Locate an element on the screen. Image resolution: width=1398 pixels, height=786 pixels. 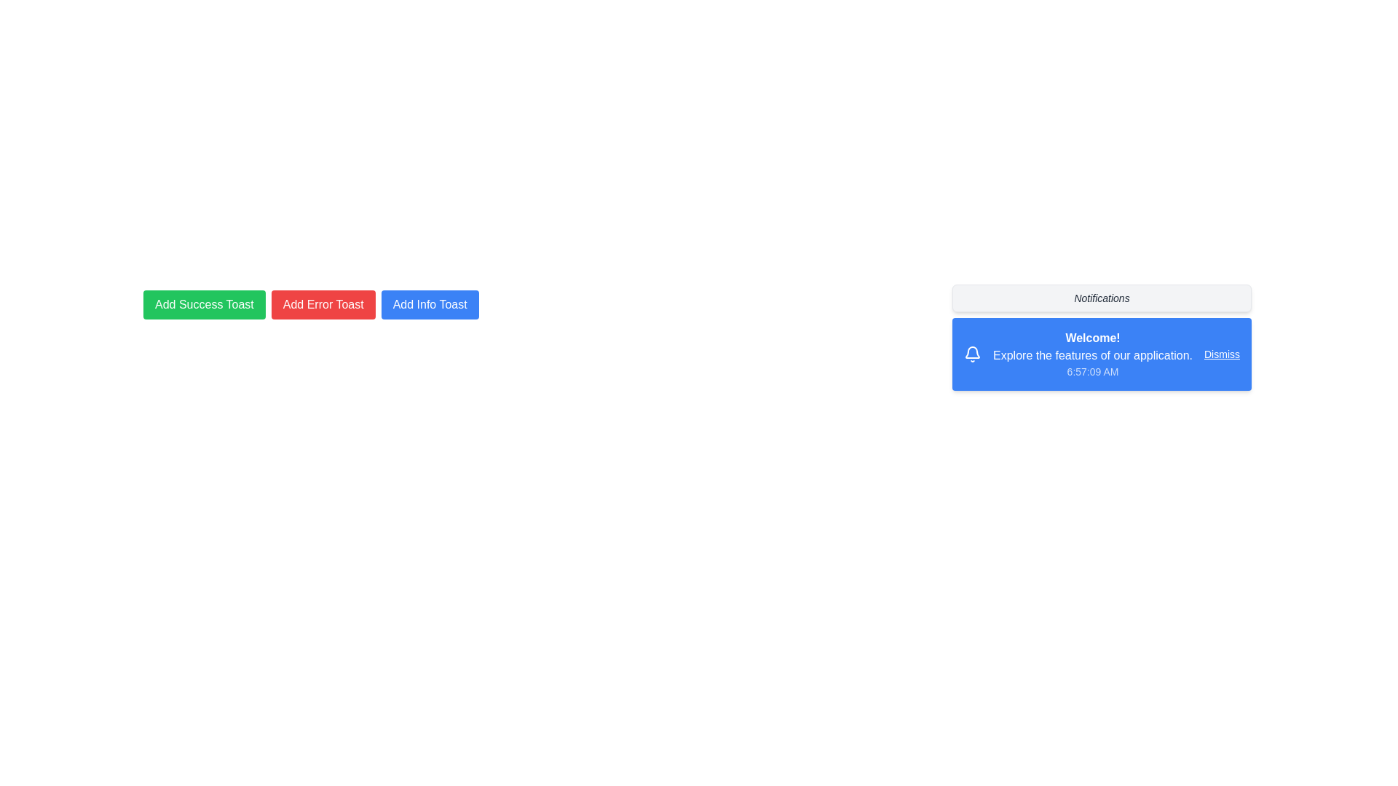
the second button in a horizontal row of three buttons, which is intended is located at coordinates (323, 304).